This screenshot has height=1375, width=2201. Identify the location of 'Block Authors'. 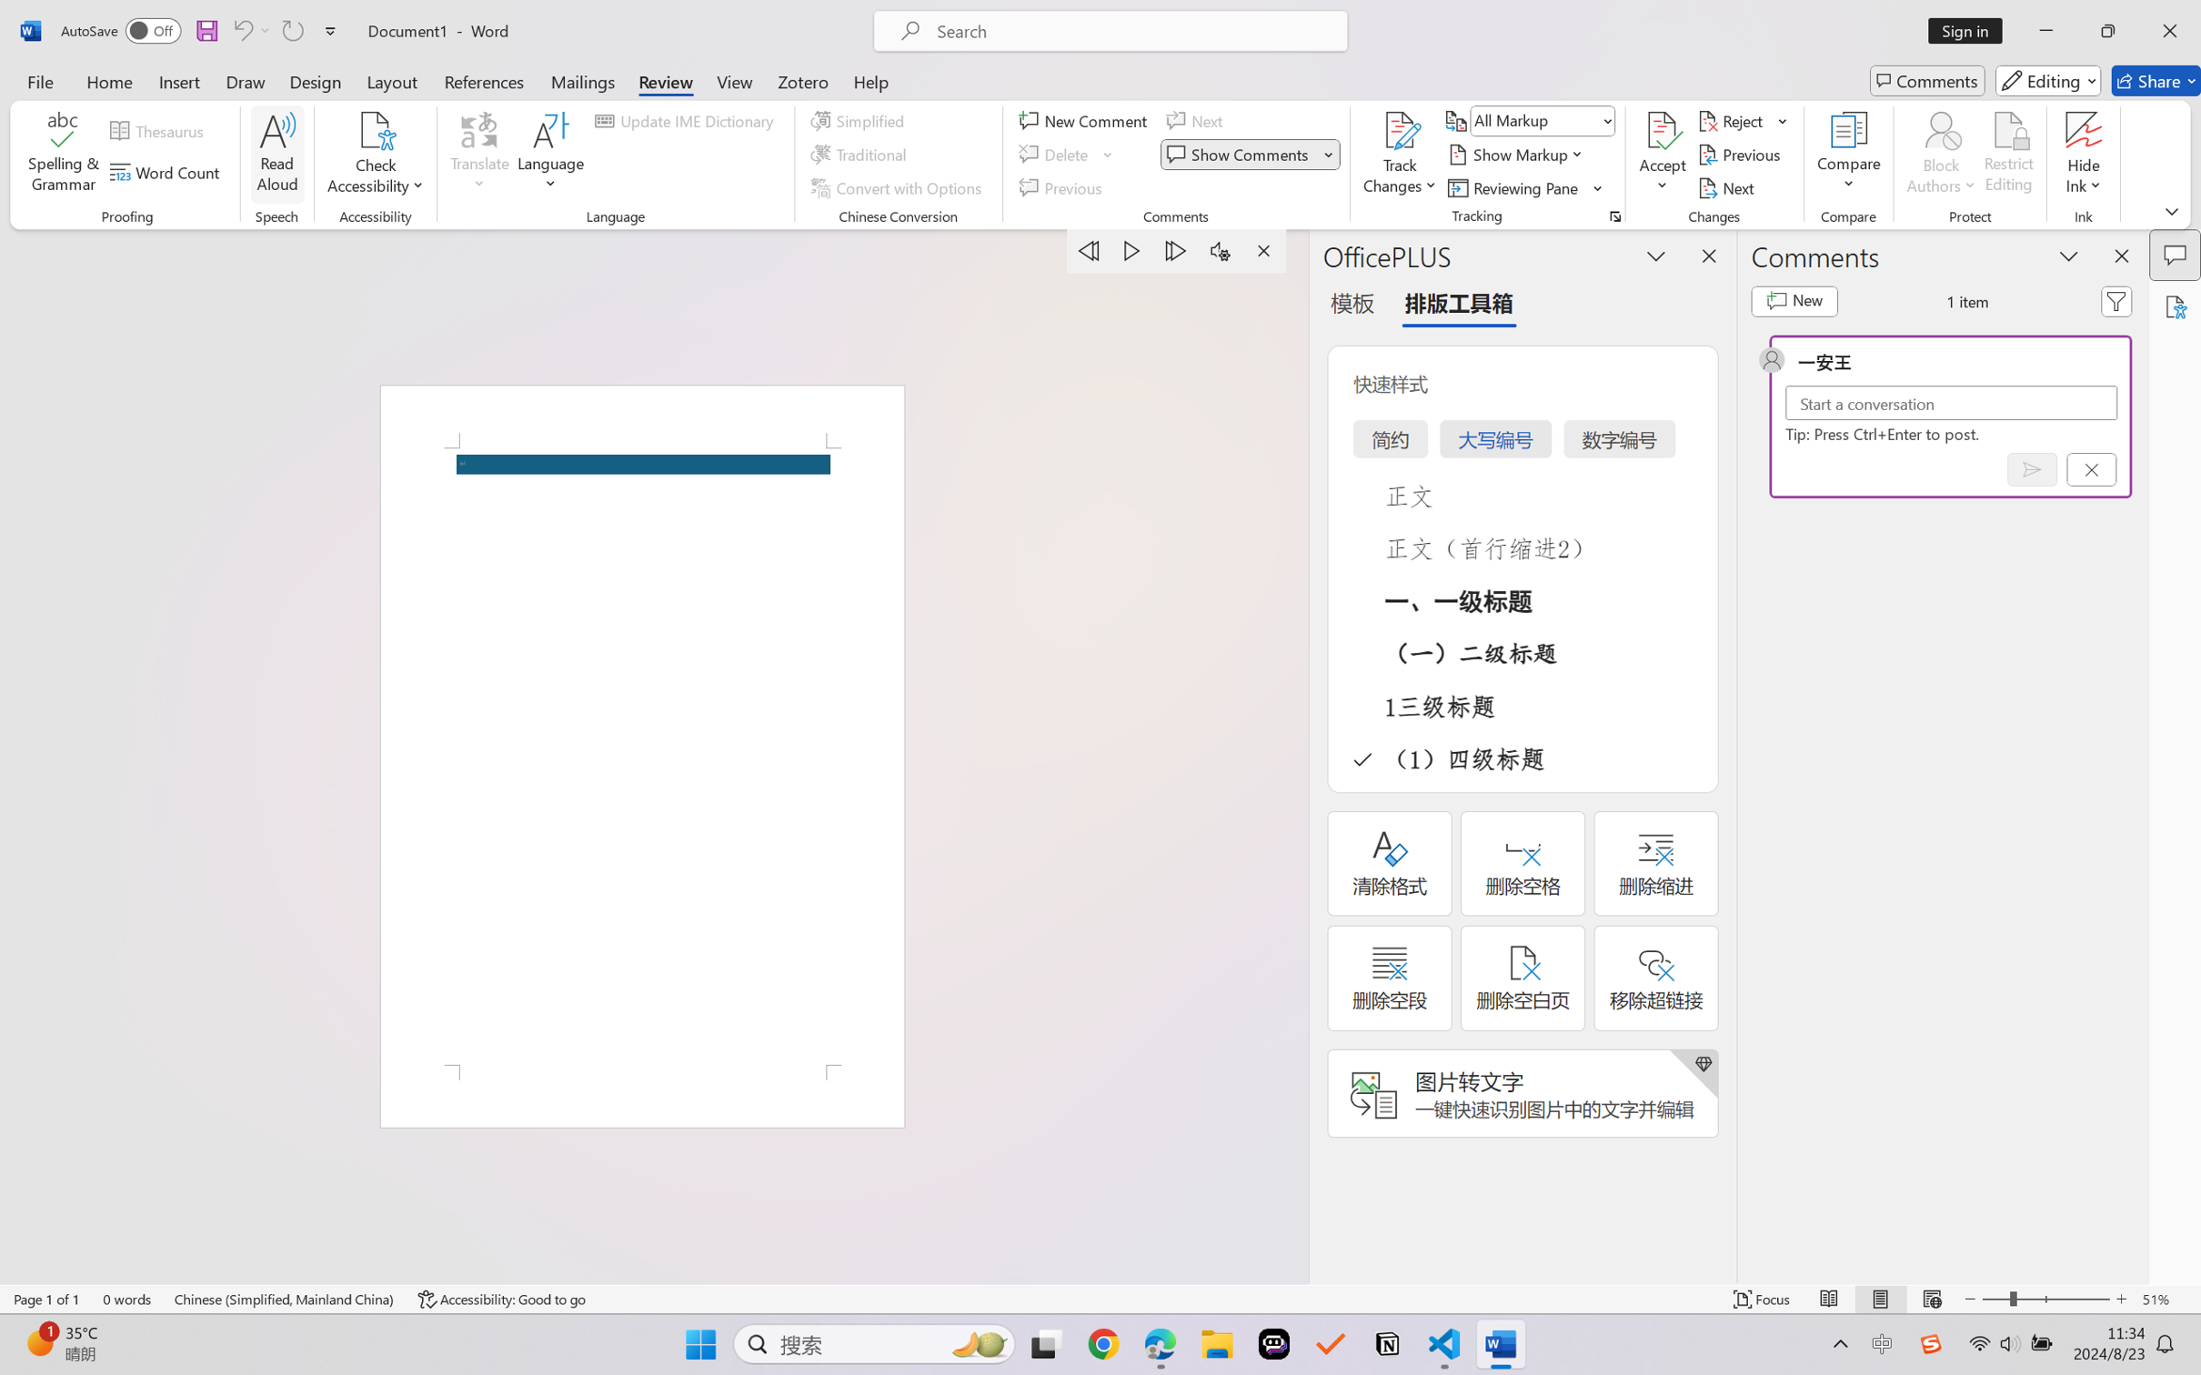
(1940, 155).